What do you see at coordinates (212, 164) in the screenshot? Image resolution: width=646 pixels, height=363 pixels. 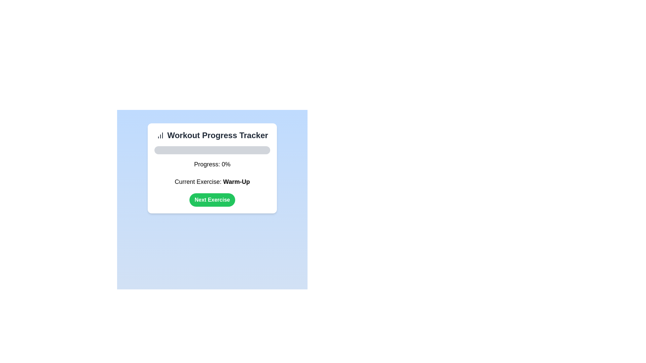 I see `the text label displaying 'Progress: 0%' which is centered below a progress bar and provides clarity on progress tracking` at bounding box center [212, 164].